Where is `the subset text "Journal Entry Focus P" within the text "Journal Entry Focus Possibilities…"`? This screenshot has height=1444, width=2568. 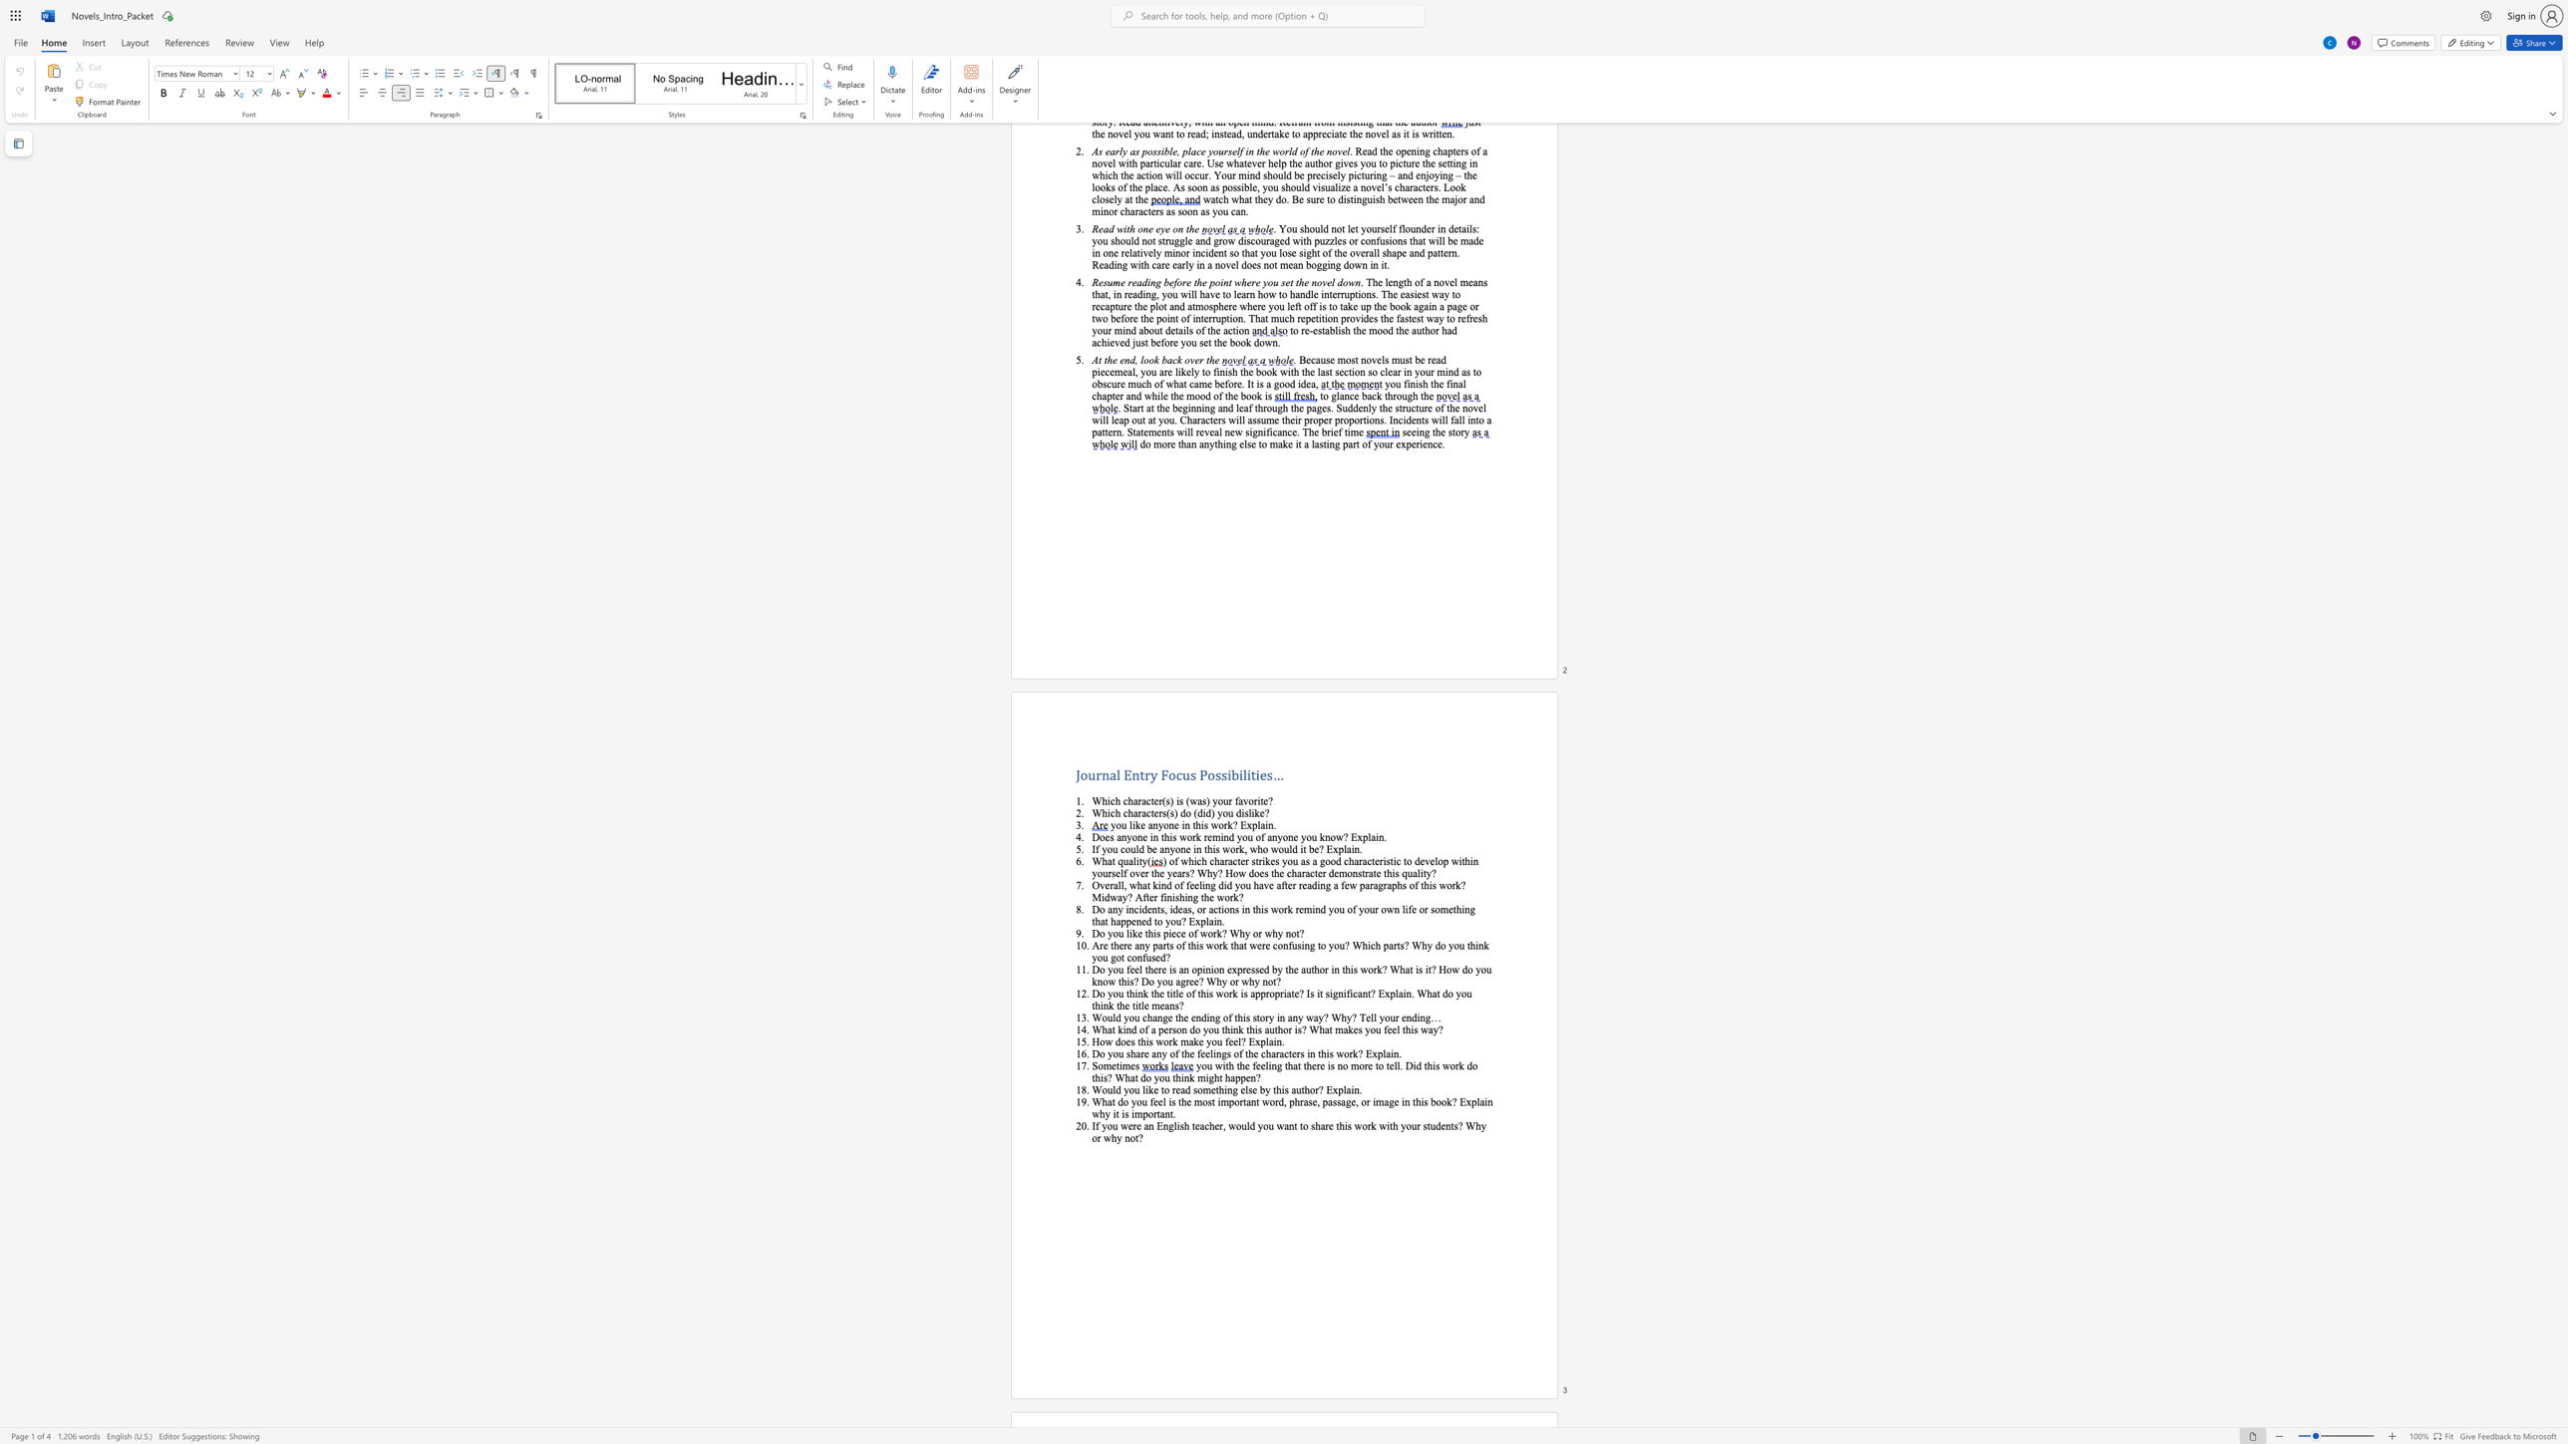
the subset text "Journal Entry Focus P" within the text "Journal Entry Focus Possibilities…" is located at coordinates (1076, 773).